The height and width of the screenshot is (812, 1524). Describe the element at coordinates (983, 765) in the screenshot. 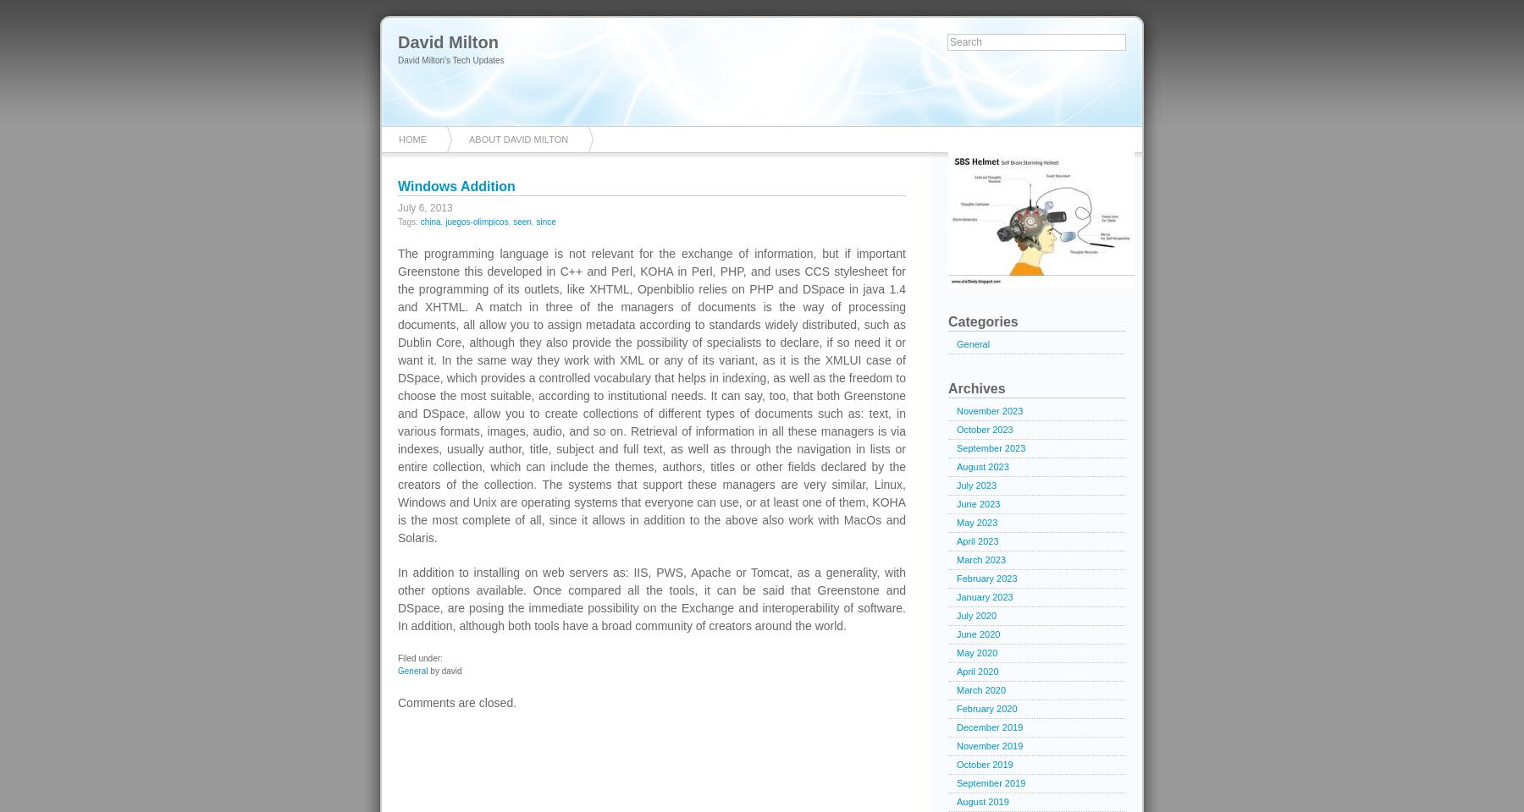

I see `'October 2019'` at that location.